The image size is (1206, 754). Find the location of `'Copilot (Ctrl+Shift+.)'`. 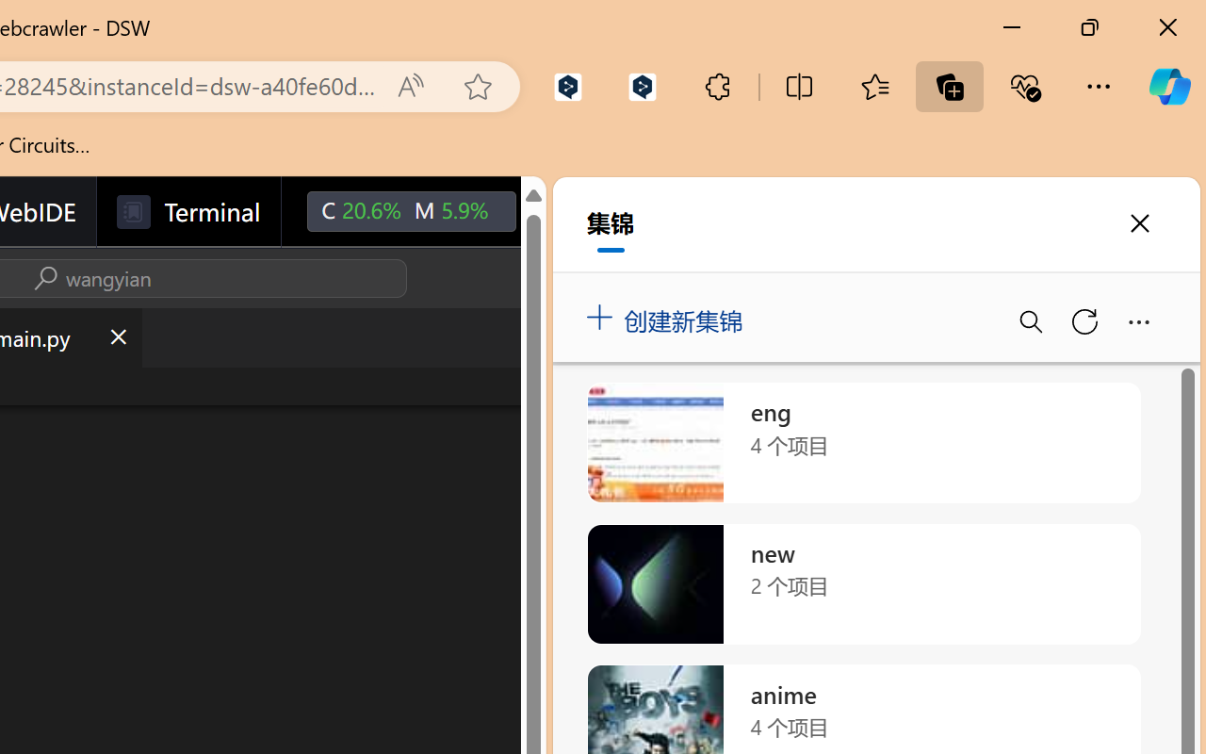

'Copilot (Ctrl+Shift+.)' is located at coordinates (1168, 86).